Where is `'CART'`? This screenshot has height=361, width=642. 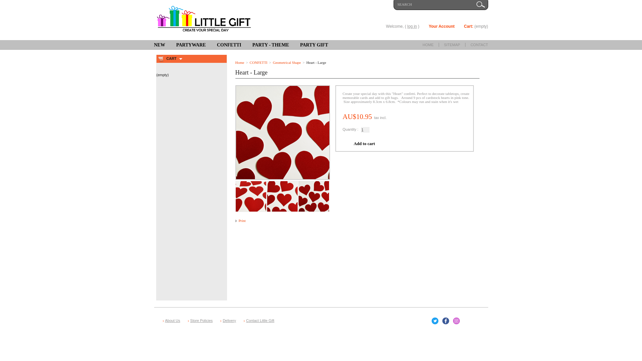 'CART' is located at coordinates (172, 58).